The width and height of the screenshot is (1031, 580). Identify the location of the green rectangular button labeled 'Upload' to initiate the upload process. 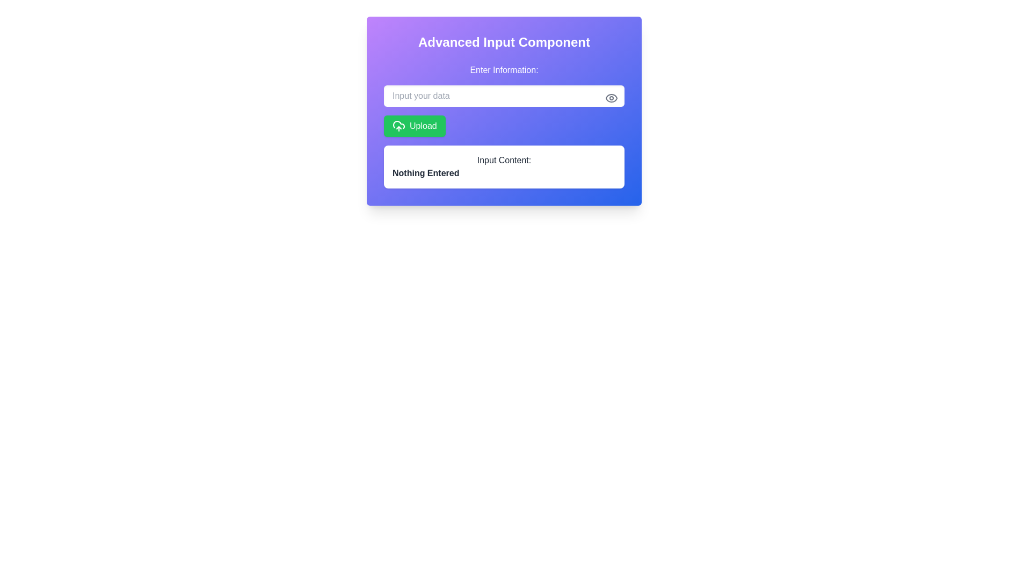
(423, 126).